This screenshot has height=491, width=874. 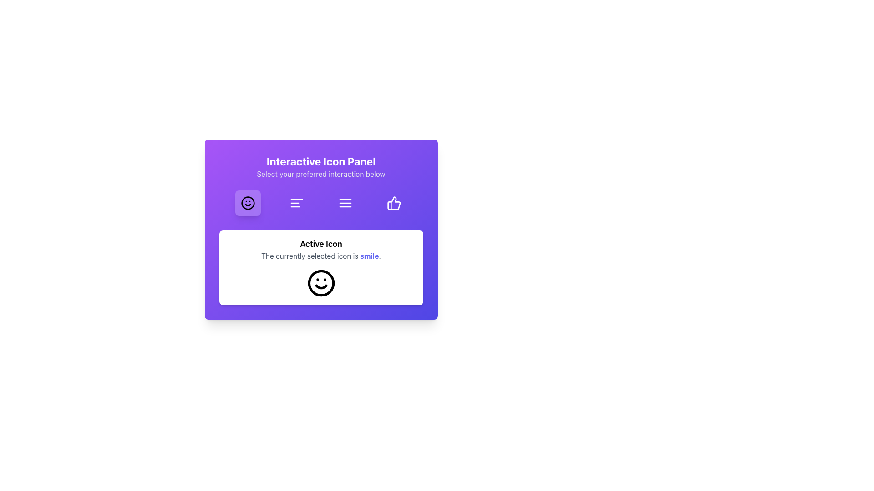 What do you see at coordinates (321, 229) in the screenshot?
I see `user interaction panel element located centrally within the purple-themed panel by invoking developer tools` at bounding box center [321, 229].